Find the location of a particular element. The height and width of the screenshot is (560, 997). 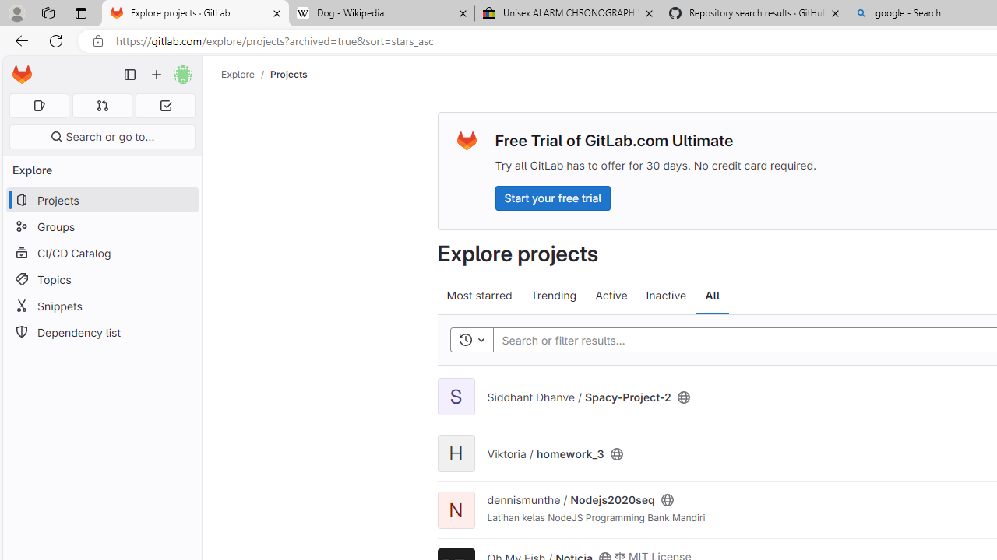

'S' is located at coordinates (455, 396).